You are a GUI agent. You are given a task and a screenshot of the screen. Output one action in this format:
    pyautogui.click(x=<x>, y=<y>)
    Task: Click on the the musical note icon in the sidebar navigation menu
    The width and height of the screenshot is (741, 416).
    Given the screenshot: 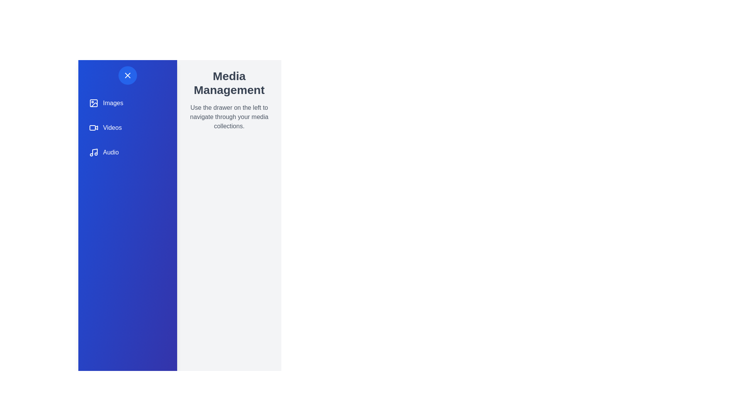 What is the action you would take?
    pyautogui.click(x=93, y=153)
    